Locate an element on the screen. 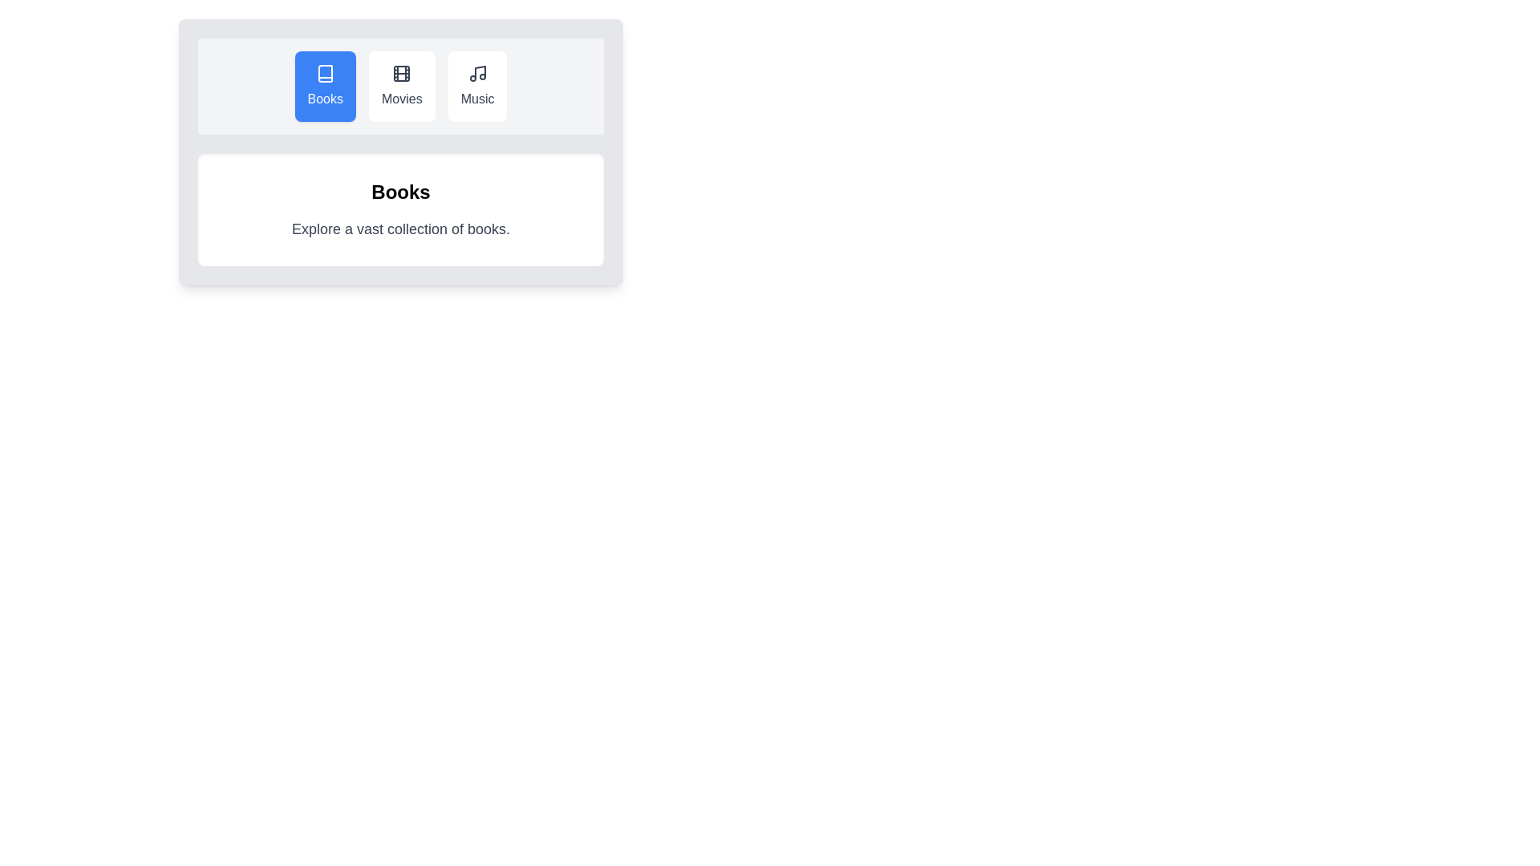 The height and width of the screenshot is (866, 1540). the tab with title Music to select it is located at coordinates (476, 87).